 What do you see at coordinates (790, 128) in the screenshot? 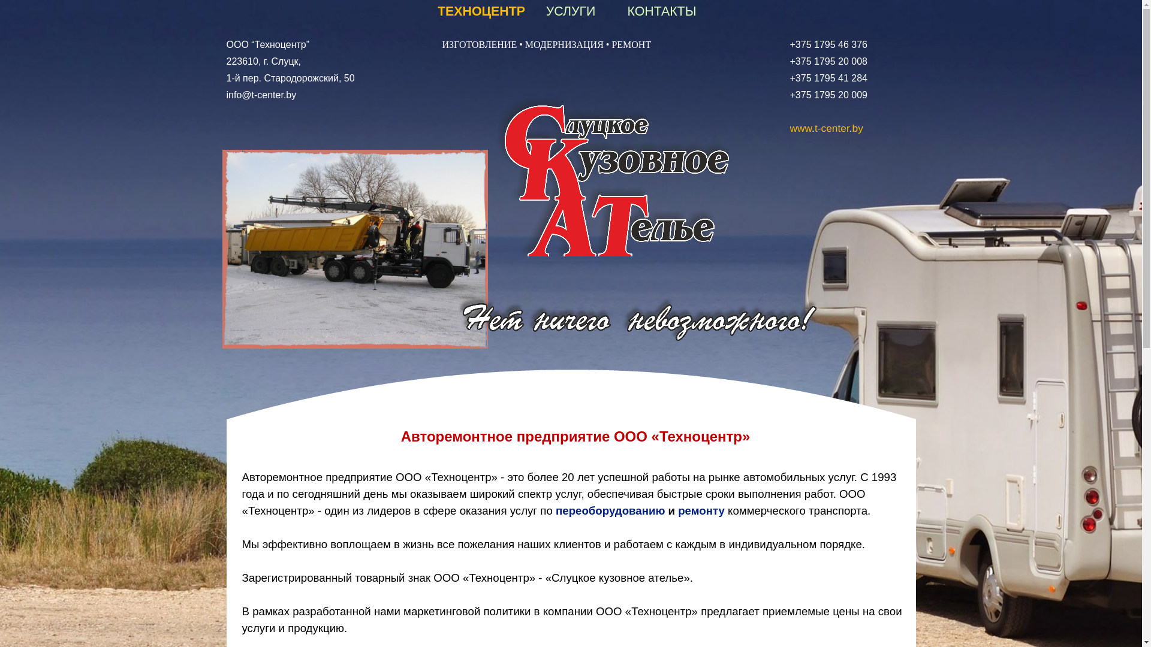
I see `'www.t-center.by'` at bounding box center [790, 128].